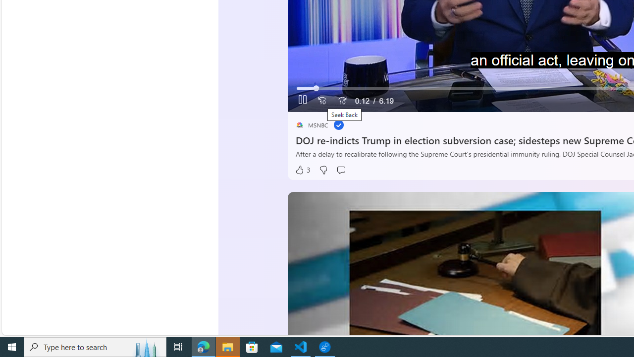  Describe the element at coordinates (302, 170) in the screenshot. I see `'3 Like'` at that location.